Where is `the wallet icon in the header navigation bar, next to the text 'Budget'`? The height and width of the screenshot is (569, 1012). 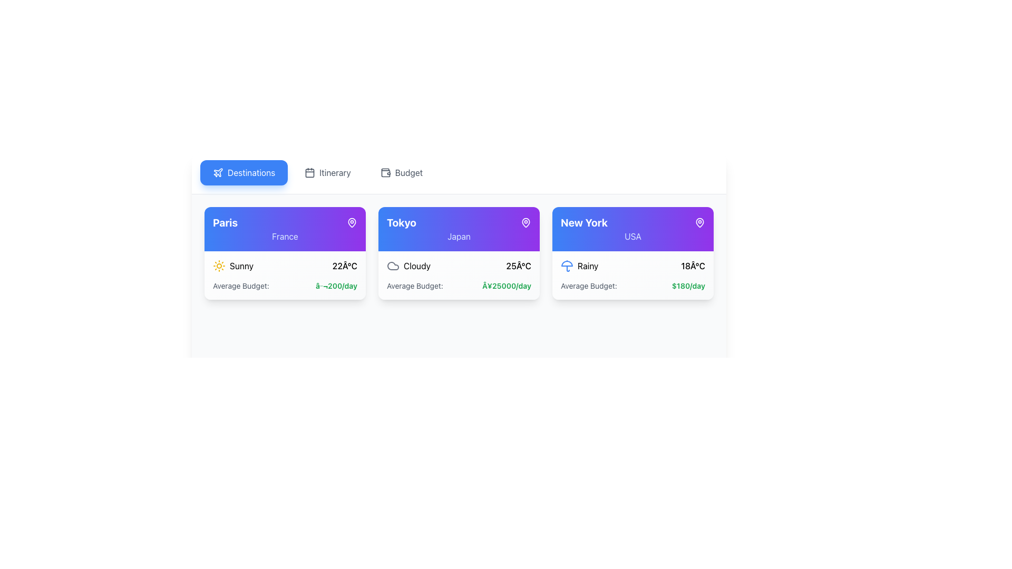
the wallet icon in the header navigation bar, next to the text 'Budget' is located at coordinates (385, 172).